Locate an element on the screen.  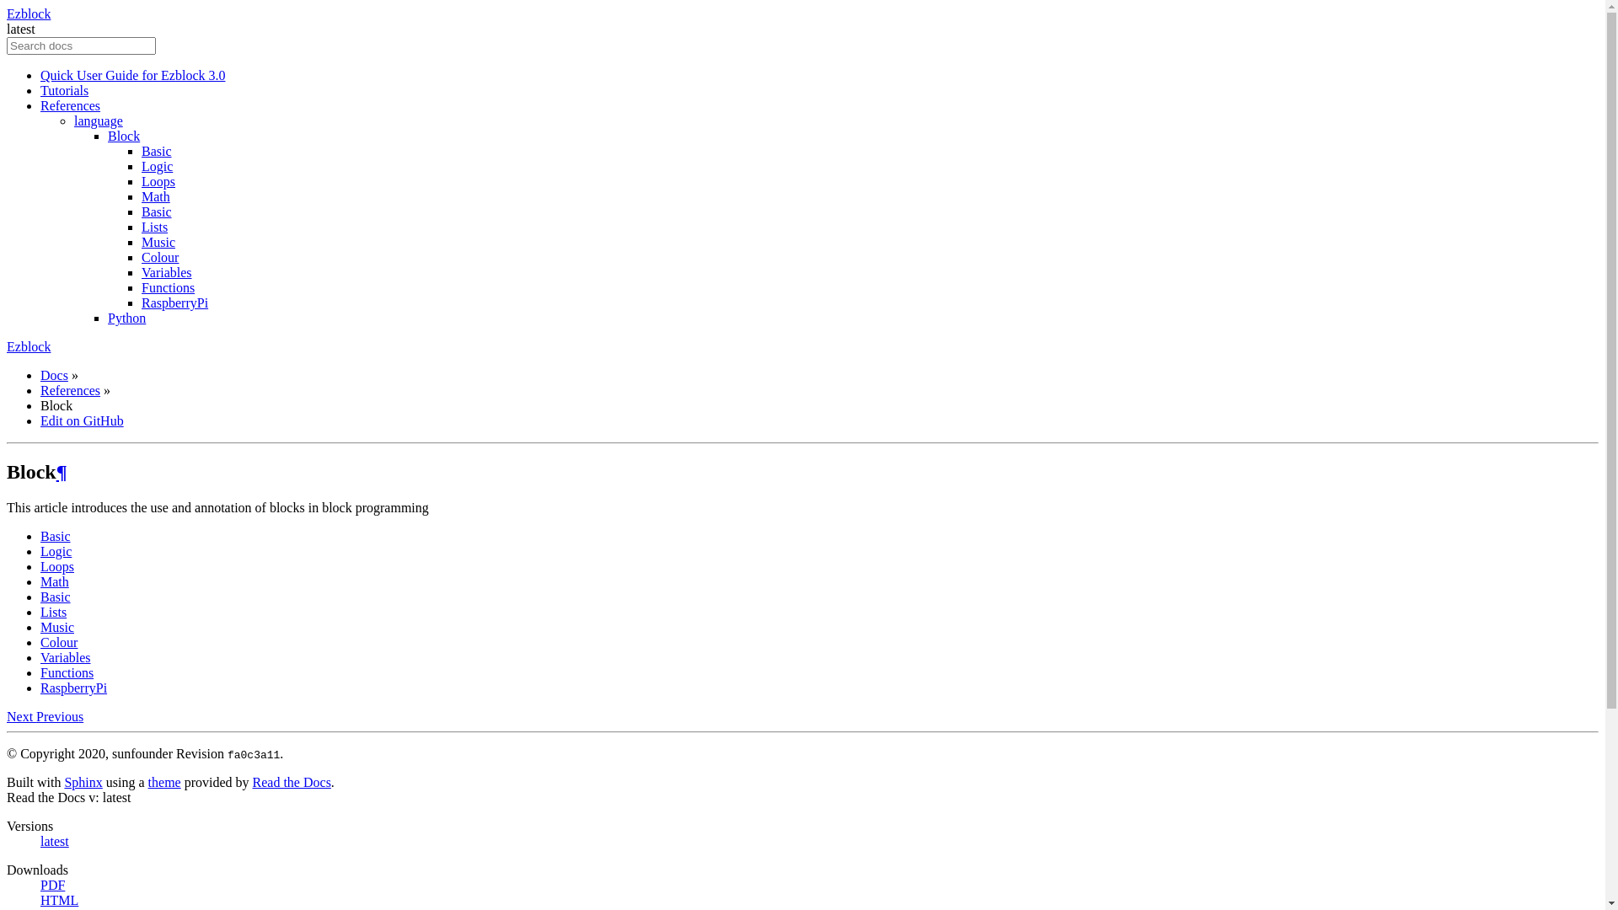
'Variables' is located at coordinates (40, 656).